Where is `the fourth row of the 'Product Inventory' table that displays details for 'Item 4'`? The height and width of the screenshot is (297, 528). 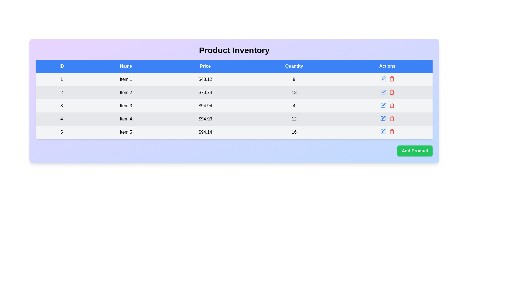 the fourth row of the 'Product Inventory' table that displays details for 'Item 4' is located at coordinates (234, 119).